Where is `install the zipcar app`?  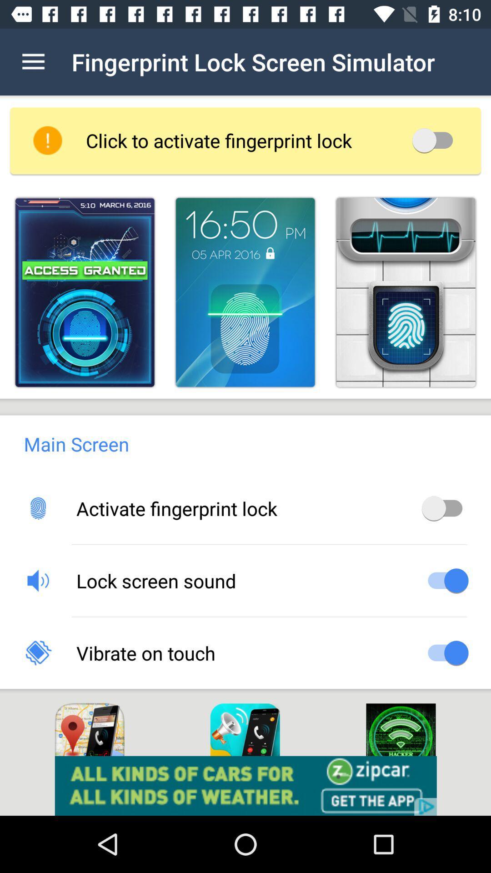 install the zipcar app is located at coordinates (245, 785).